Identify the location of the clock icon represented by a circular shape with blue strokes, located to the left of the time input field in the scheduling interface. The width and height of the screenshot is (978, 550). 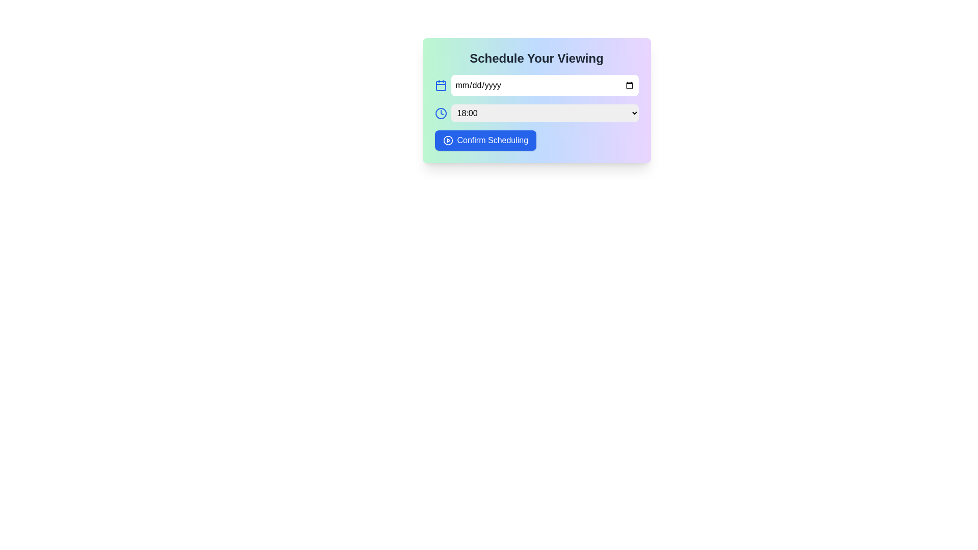
(441, 113).